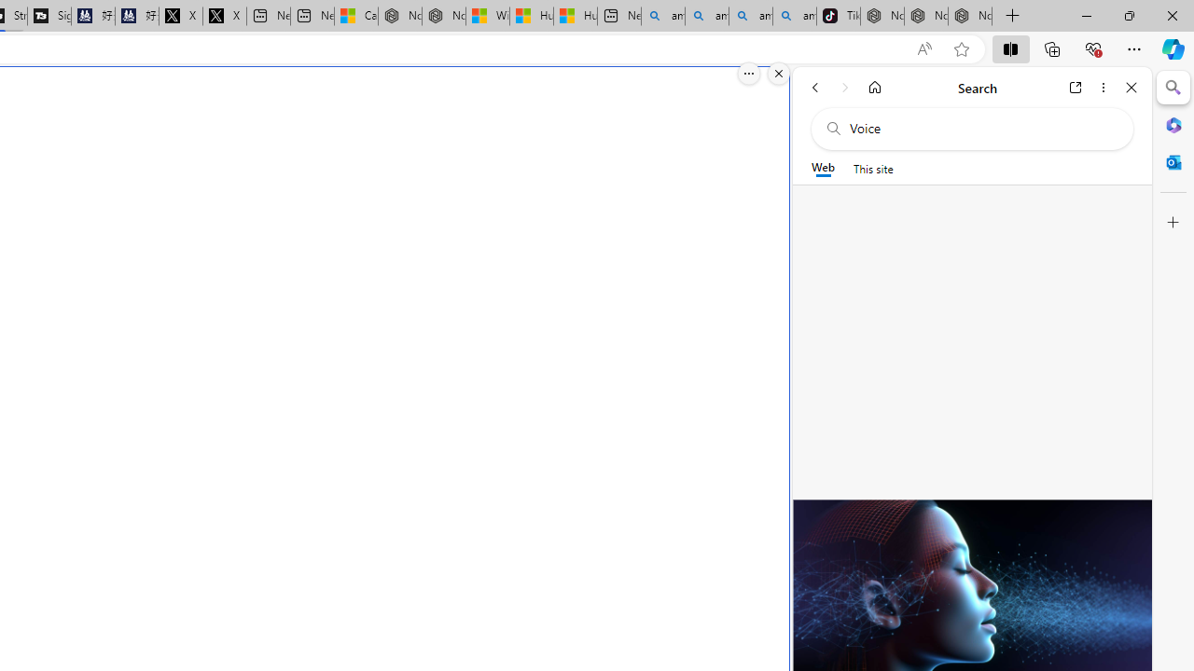 Image resolution: width=1194 pixels, height=671 pixels. I want to click on 'This site scope', so click(872, 168).